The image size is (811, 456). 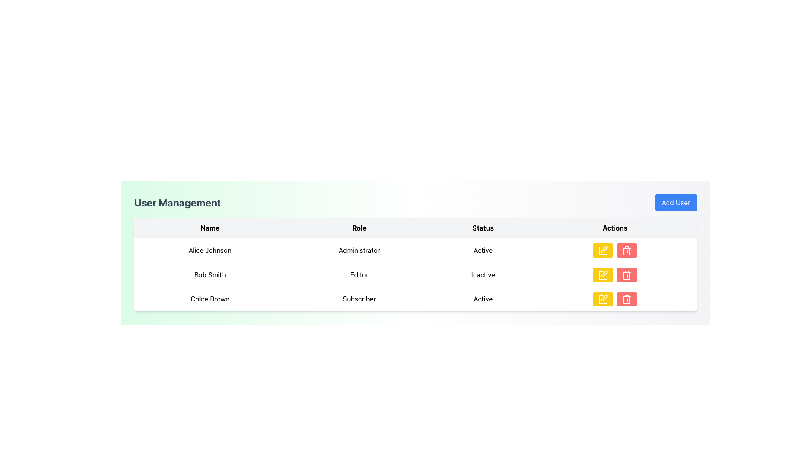 I want to click on the yellow edit button with a pencil icon located in the third row of the 'Actions' column to initiate editing, so click(x=603, y=299).